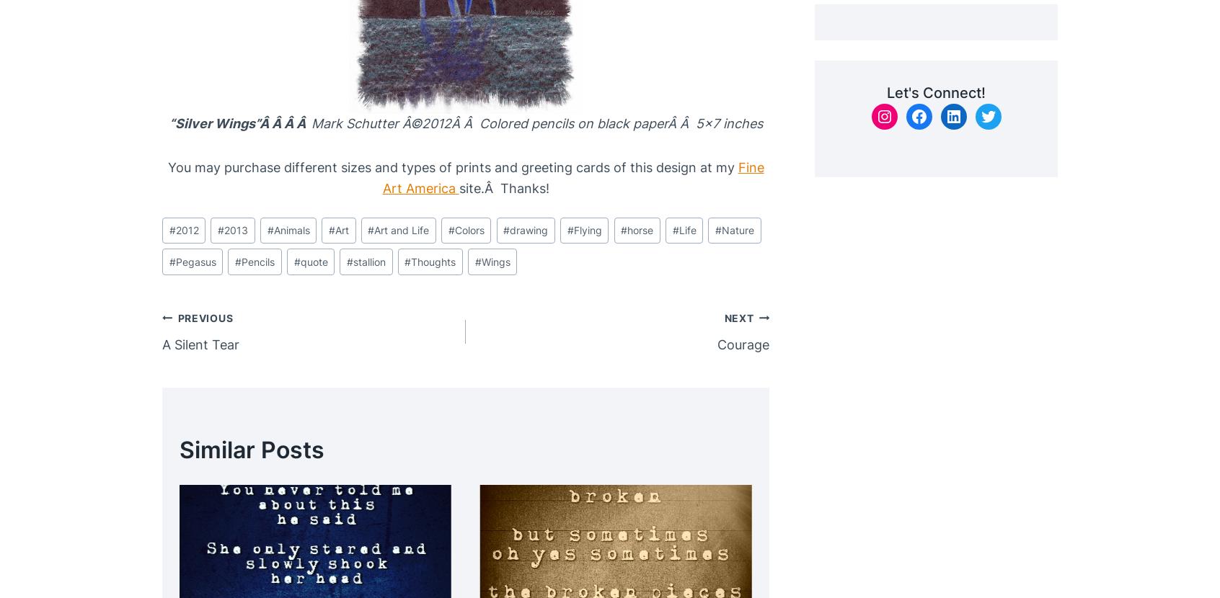 This screenshot has width=1220, height=598. I want to click on '“Silver Wings”Â Â Â Â', so click(239, 123).